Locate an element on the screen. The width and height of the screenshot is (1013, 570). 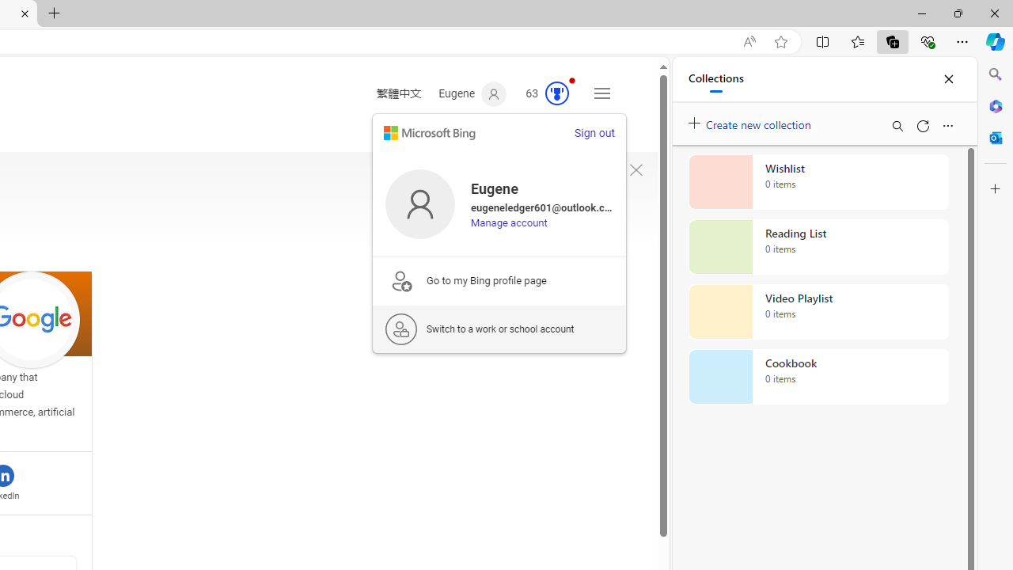
'Create new collection' is located at coordinates (752, 120).